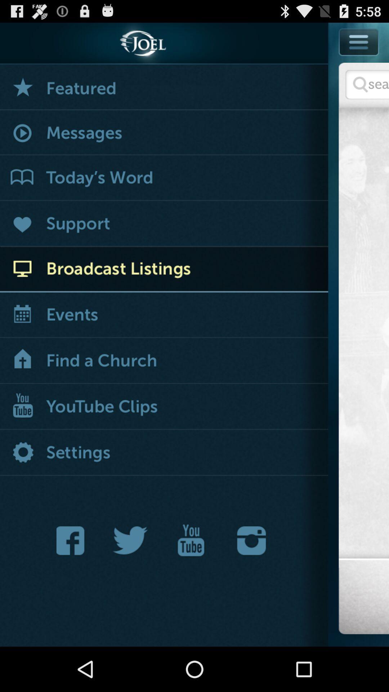 Image resolution: width=389 pixels, height=692 pixels. Describe the element at coordinates (164, 87) in the screenshot. I see `show featured` at that location.